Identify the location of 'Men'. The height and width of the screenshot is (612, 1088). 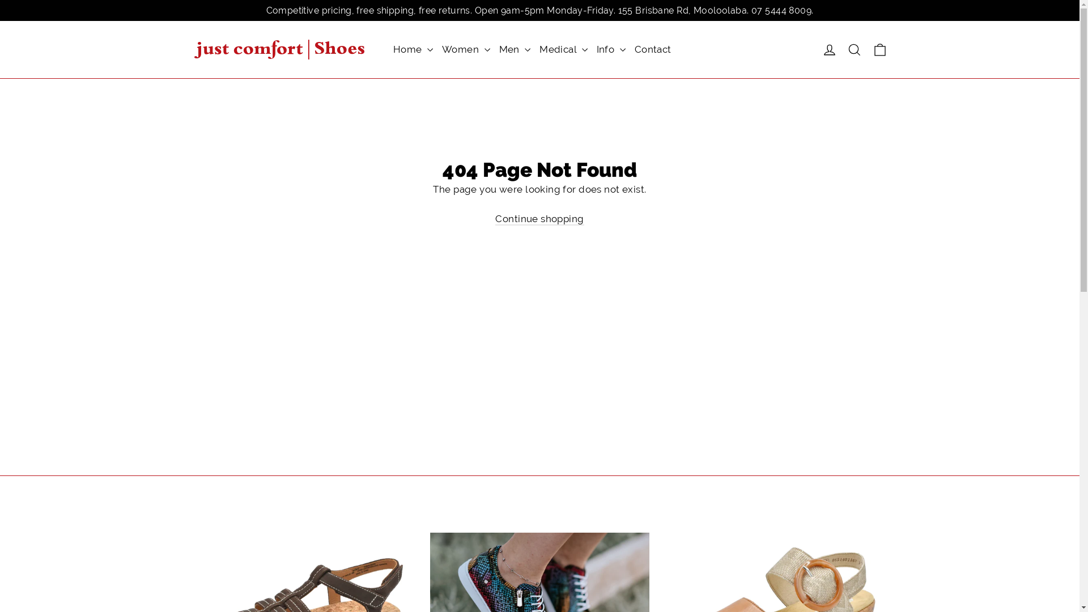
(514, 49).